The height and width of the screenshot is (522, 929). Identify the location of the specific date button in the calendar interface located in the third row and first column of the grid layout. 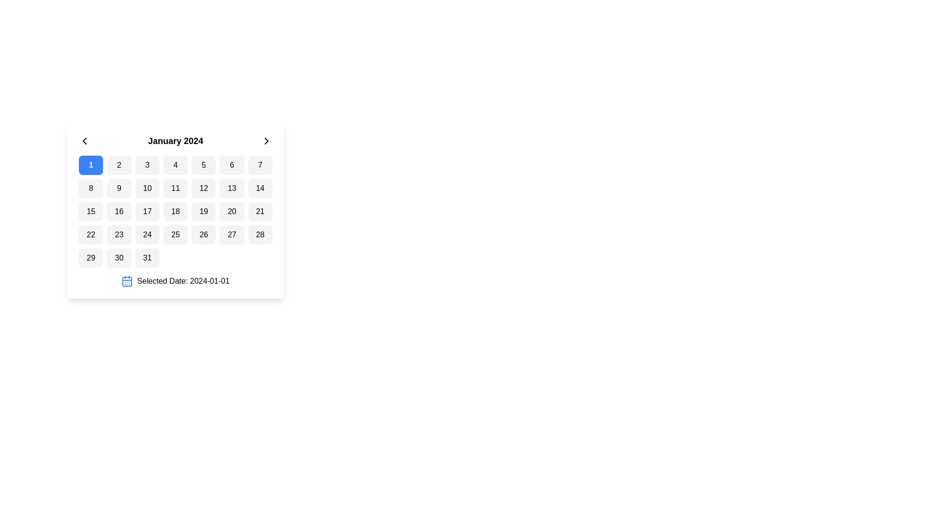
(90, 211).